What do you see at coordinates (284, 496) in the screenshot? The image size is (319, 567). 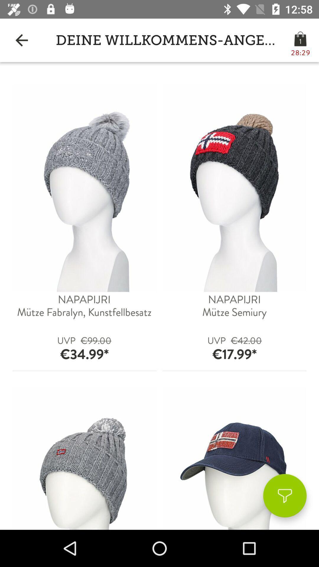 I see `the filter icon` at bounding box center [284, 496].